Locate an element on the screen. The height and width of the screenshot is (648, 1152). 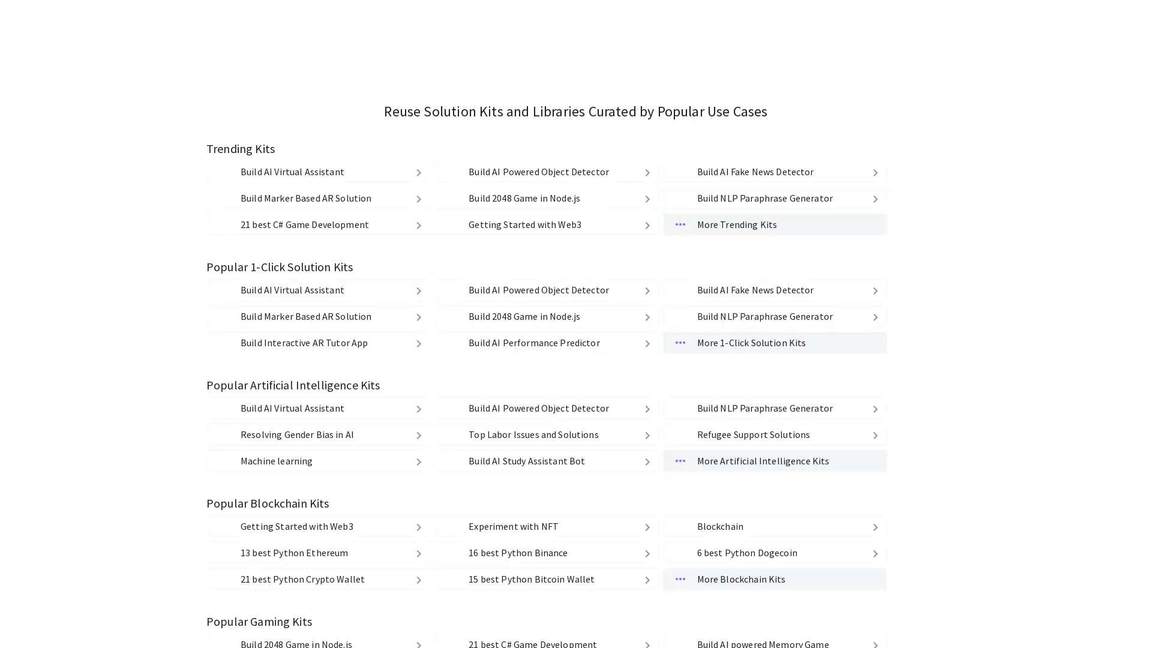
delete is located at coordinates (630, 618).